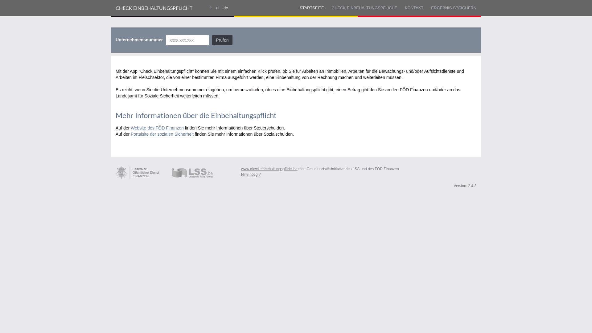 The image size is (592, 333). Describe the element at coordinates (269, 169) in the screenshot. I see `'www.checkeinbehaltungspflicht.be'` at that location.